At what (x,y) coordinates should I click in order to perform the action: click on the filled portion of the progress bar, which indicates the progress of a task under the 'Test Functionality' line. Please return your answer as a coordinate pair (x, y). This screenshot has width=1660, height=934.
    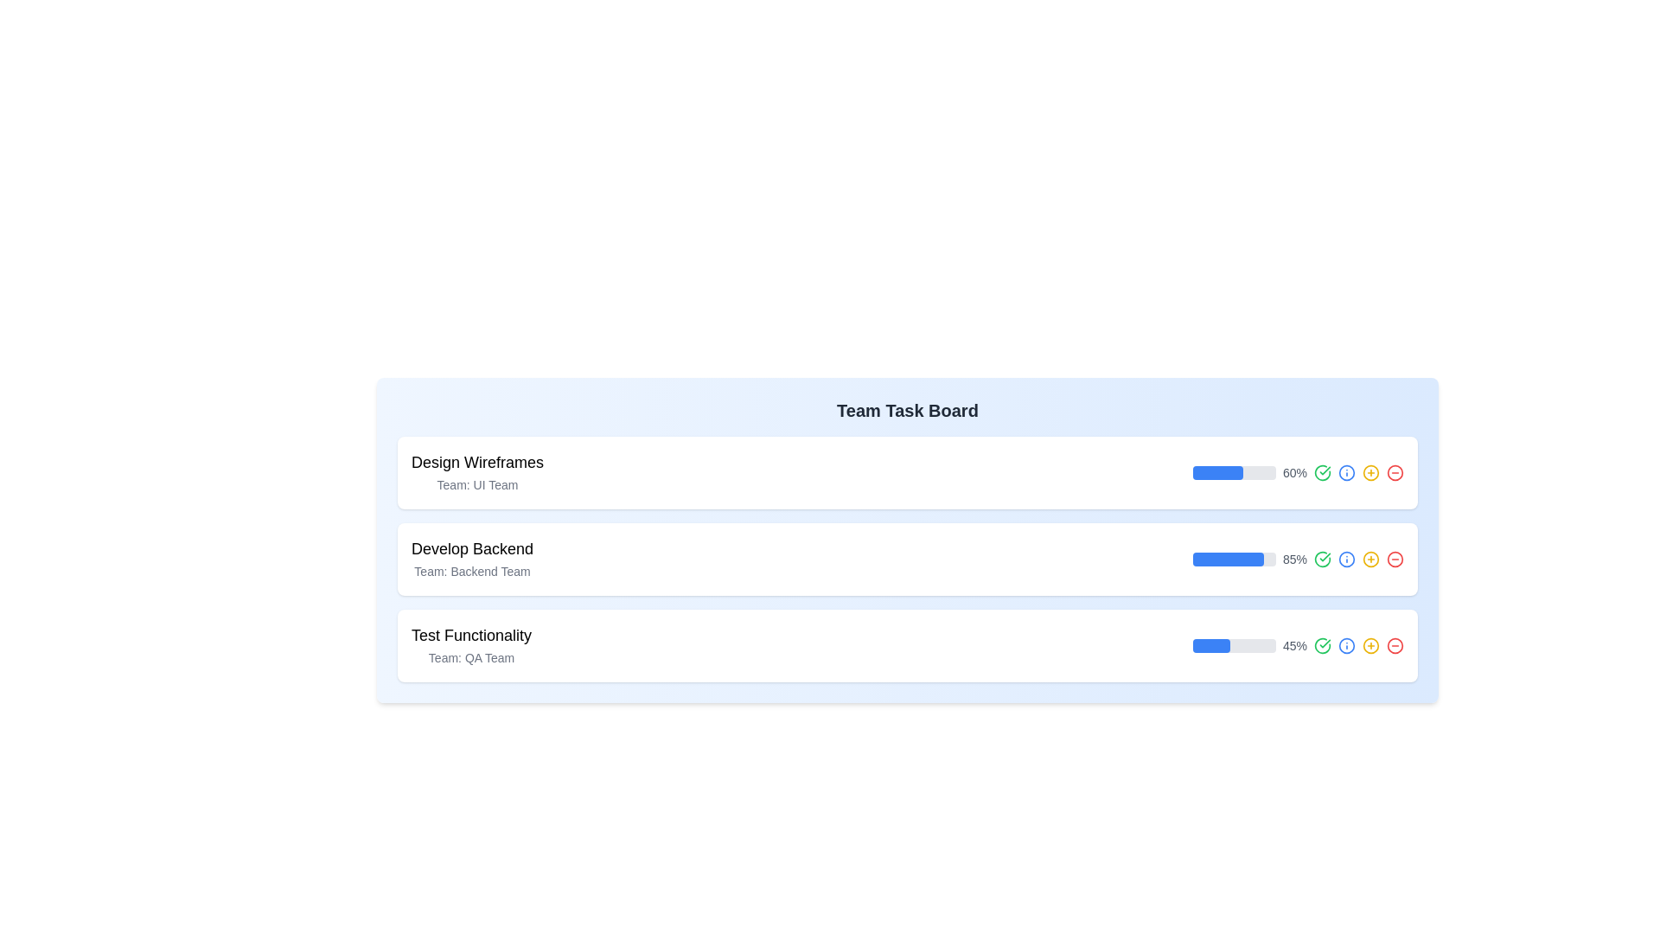
    Looking at the image, I should click on (1210, 646).